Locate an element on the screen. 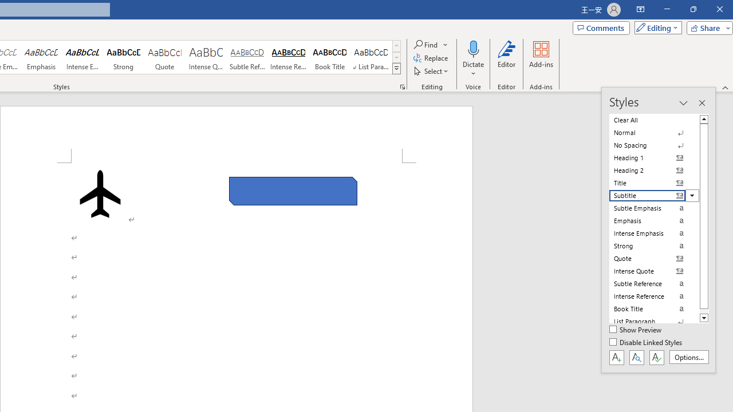 The height and width of the screenshot is (412, 733). 'Strong' is located at coordinates (124, 57).